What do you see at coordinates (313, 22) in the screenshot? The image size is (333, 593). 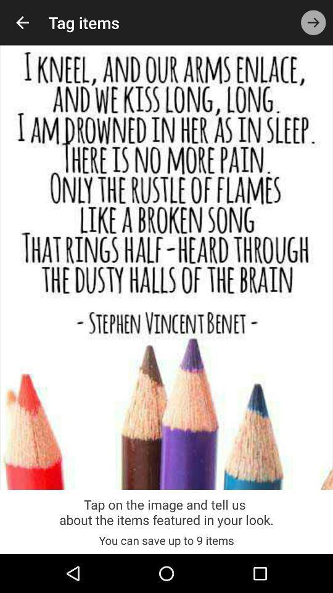 I see `icon at the top right corner` at bounding box center [313, 22].